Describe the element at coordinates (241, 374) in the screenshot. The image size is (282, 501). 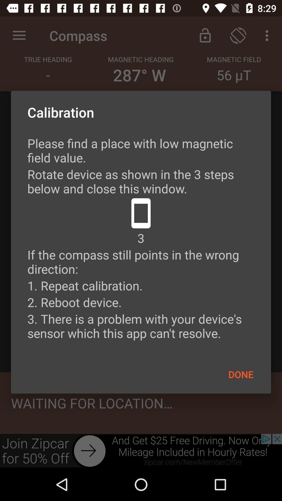
I see `the done icon` at that location.